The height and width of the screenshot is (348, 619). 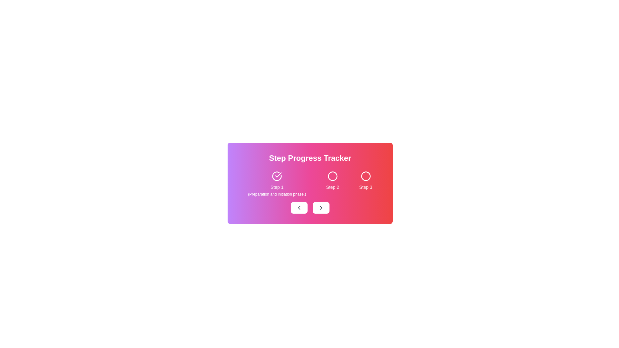 What do you see at coordinates (366, 187) in the screenshot?
I see `the text label displaying 'Step 3' in white color, which is positioned below a circular icon in a vertically aligned group, representing the third step in a progress tracker` at bounding box center [366, 187].